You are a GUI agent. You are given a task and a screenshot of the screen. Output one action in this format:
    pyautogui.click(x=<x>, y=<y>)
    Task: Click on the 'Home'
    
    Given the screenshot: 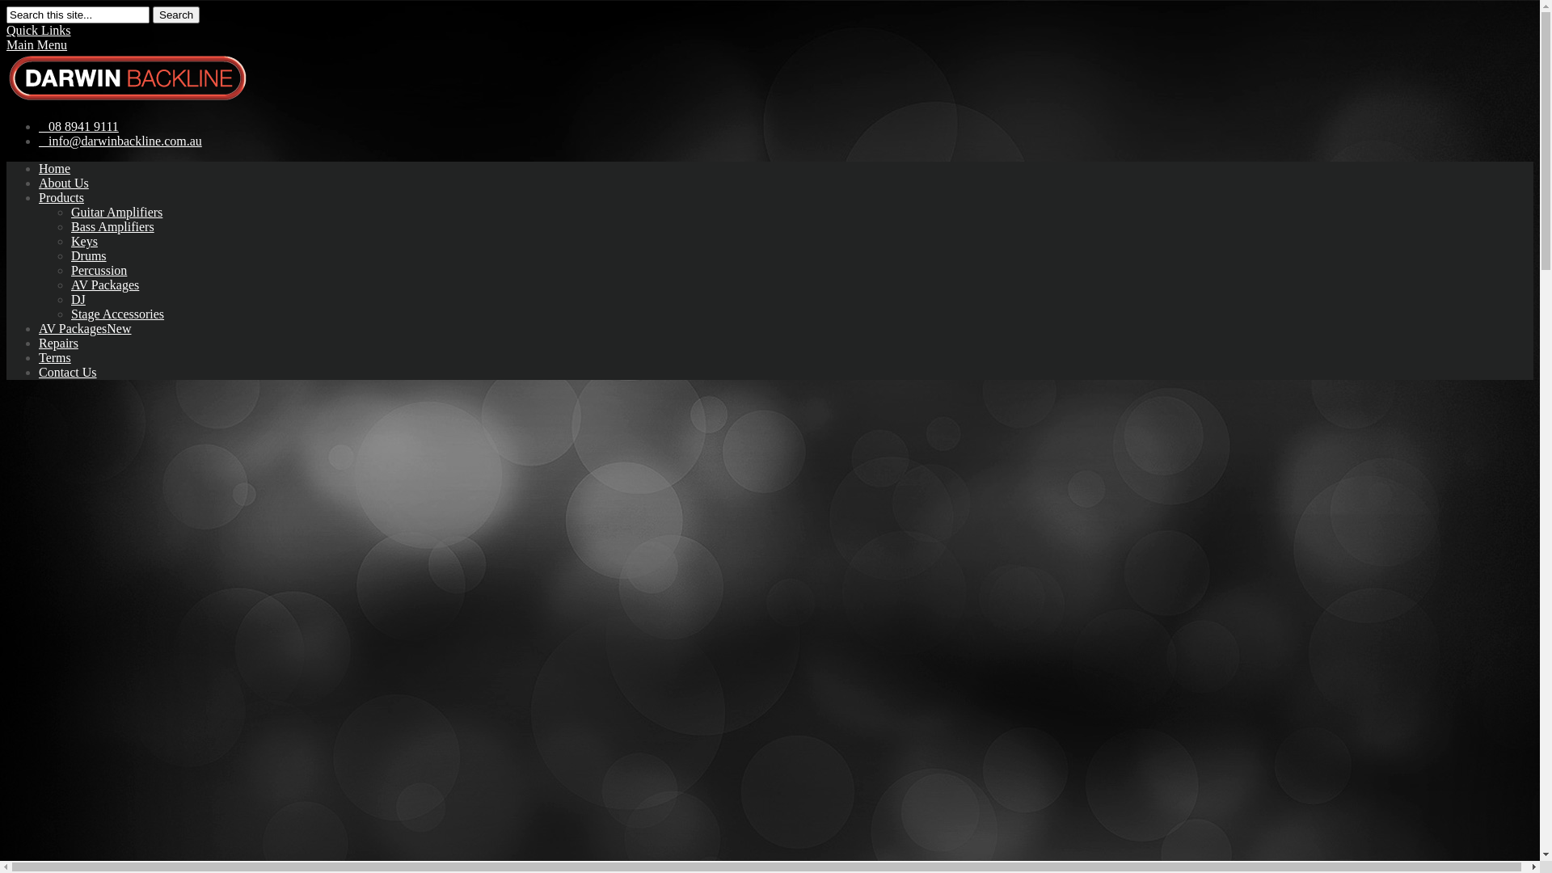 What is the action you would take?
    pyautogui.click(x=54, y=168)
    